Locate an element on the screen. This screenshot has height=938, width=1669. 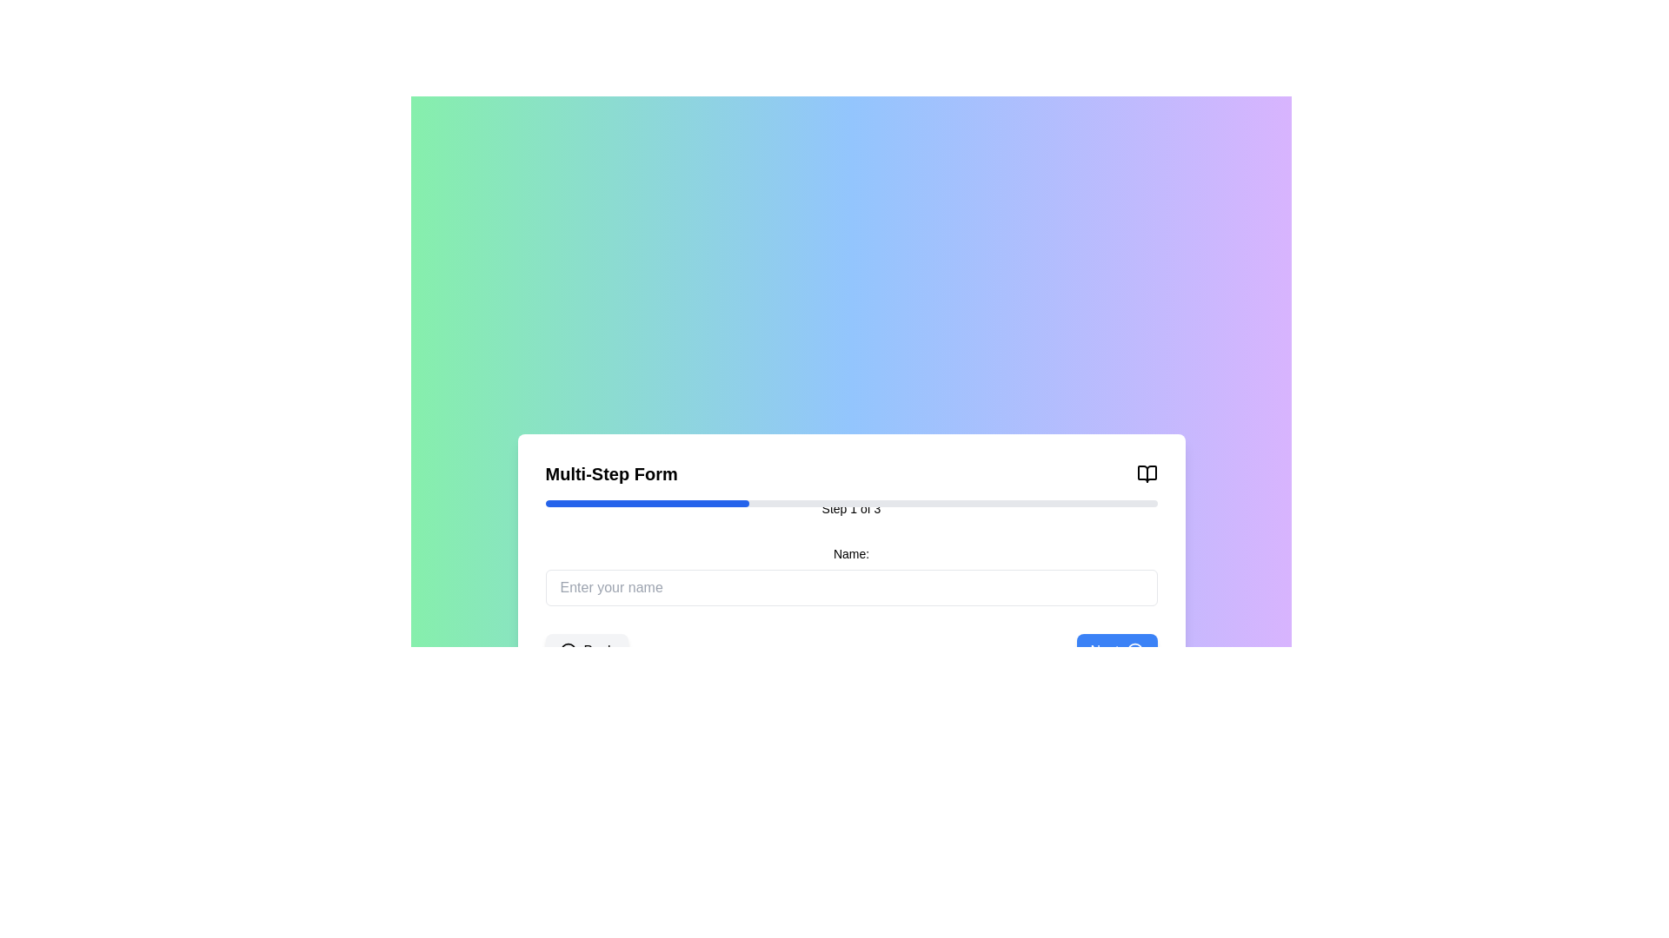
the 'Next' button, which has a vibrant blue background and white text is located at coordinates (1117, 651).